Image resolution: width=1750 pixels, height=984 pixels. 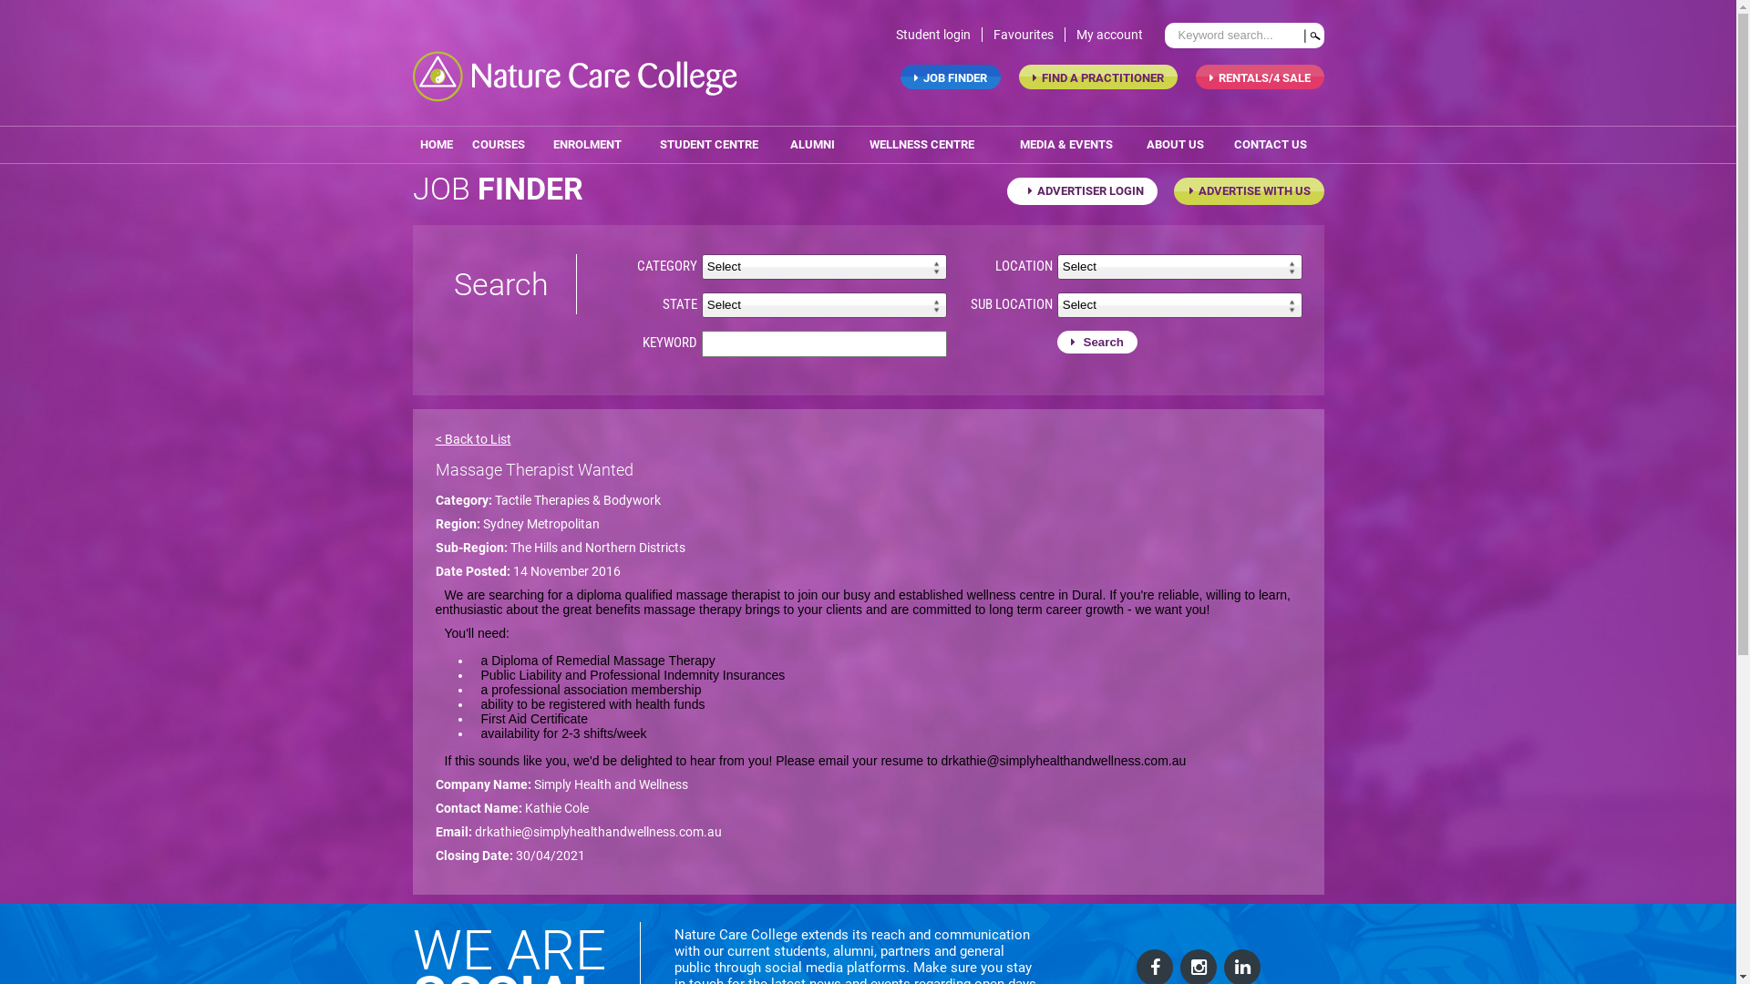 I want to click on 'WELLNESS CENTRE', so click(x=922, y=143).